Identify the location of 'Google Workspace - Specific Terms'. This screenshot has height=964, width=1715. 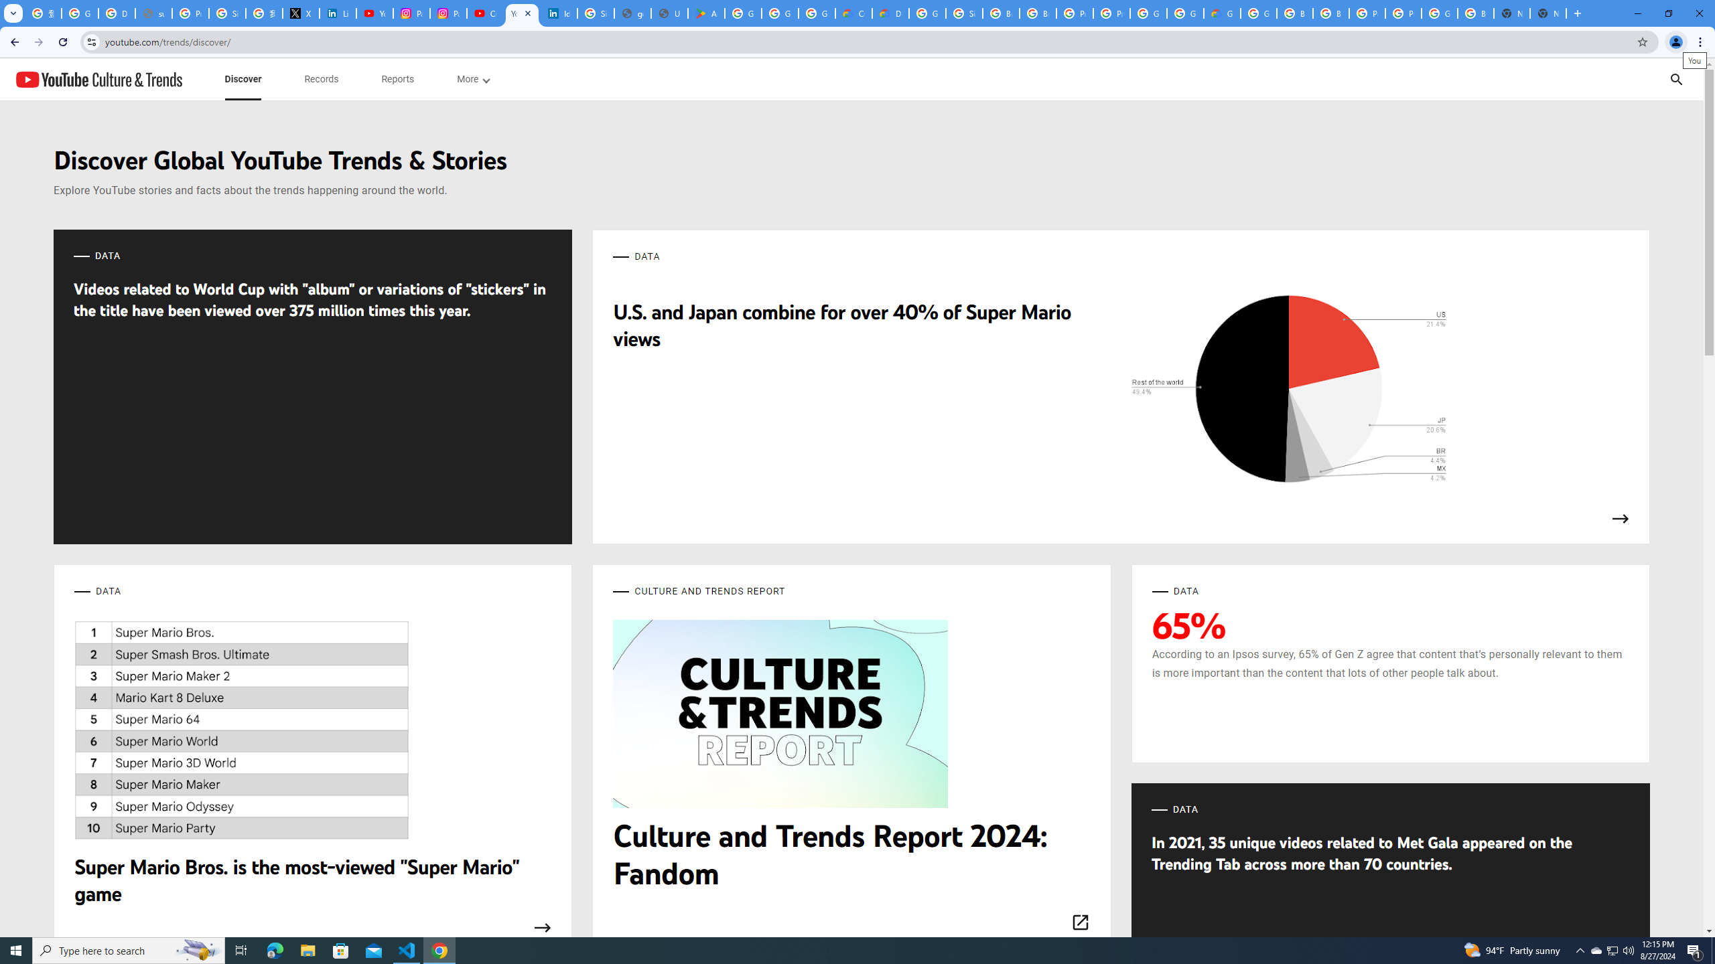
(779, 13).